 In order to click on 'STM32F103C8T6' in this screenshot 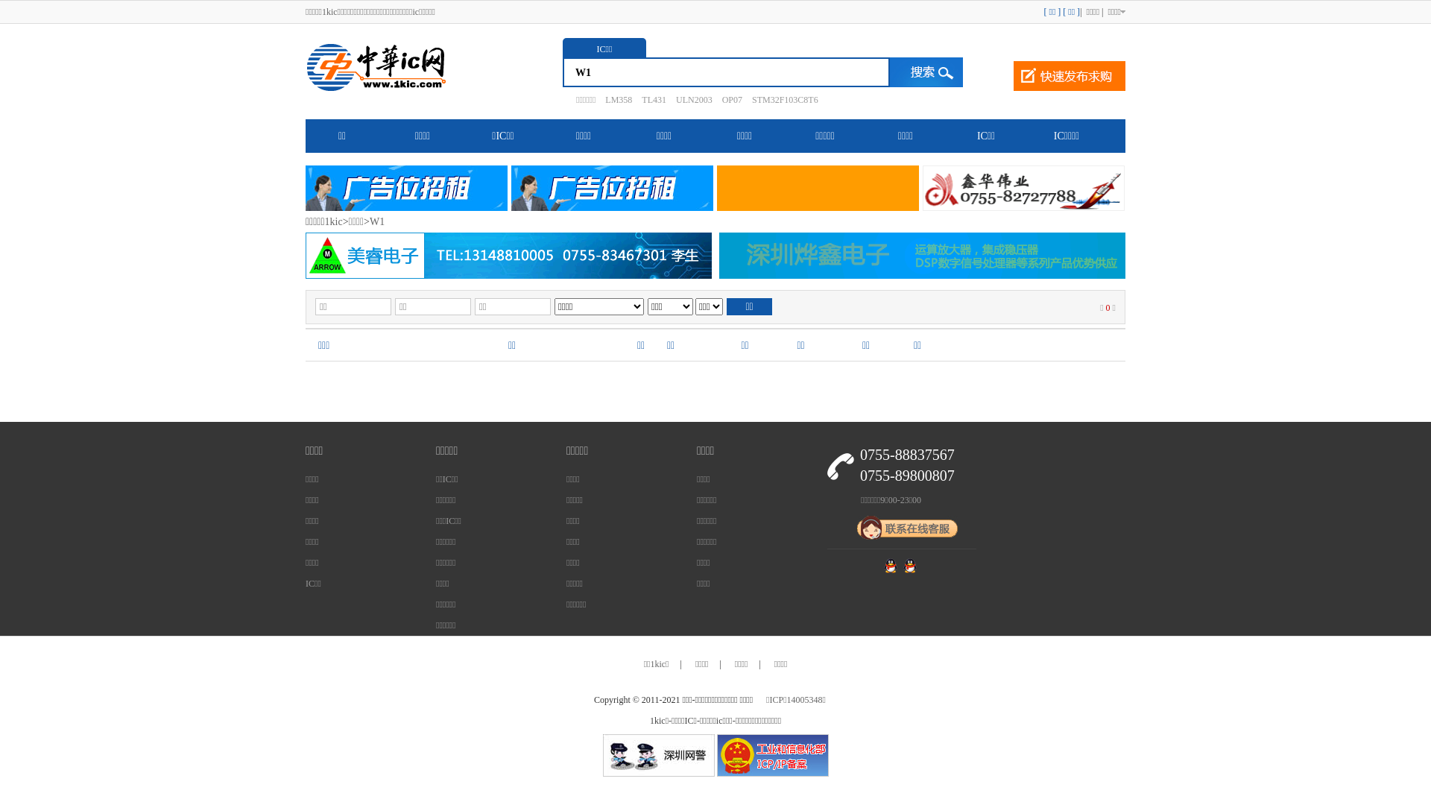, I will do `click(780, 100)`.